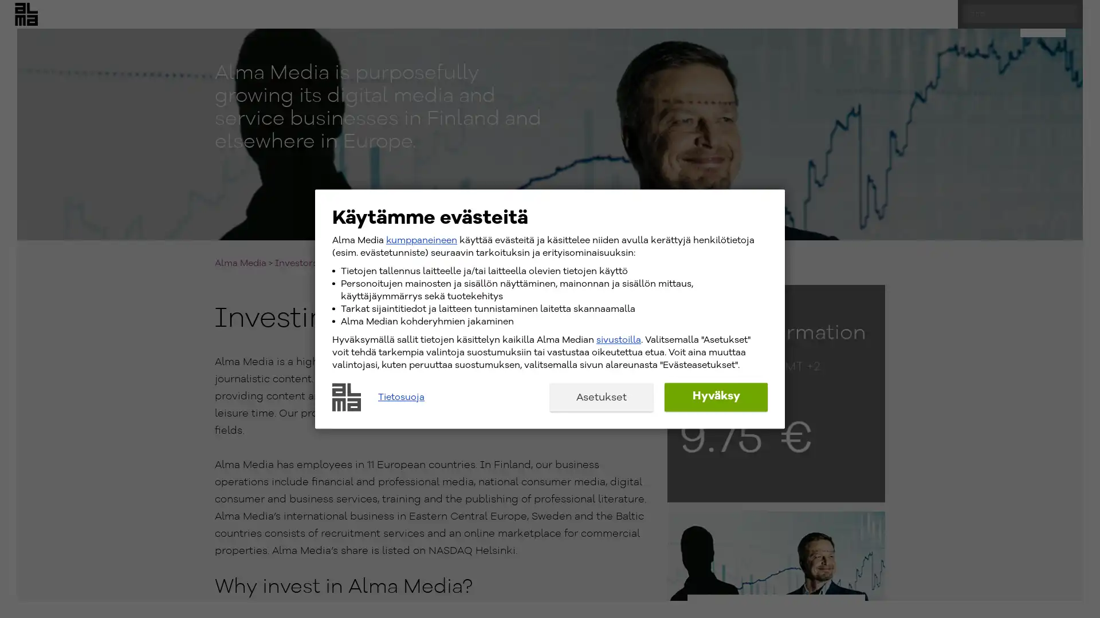  What do you see at coordinates (715, 396) in the screenshot?
I see `Hyvaksy` at bounding box center [715, 396].